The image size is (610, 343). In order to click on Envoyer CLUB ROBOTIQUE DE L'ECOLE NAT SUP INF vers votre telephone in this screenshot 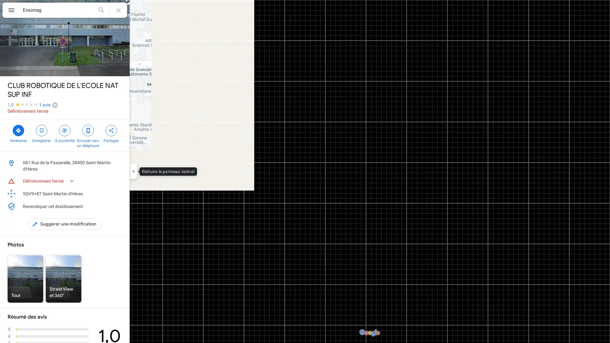, I will do `click(87, 135)`.